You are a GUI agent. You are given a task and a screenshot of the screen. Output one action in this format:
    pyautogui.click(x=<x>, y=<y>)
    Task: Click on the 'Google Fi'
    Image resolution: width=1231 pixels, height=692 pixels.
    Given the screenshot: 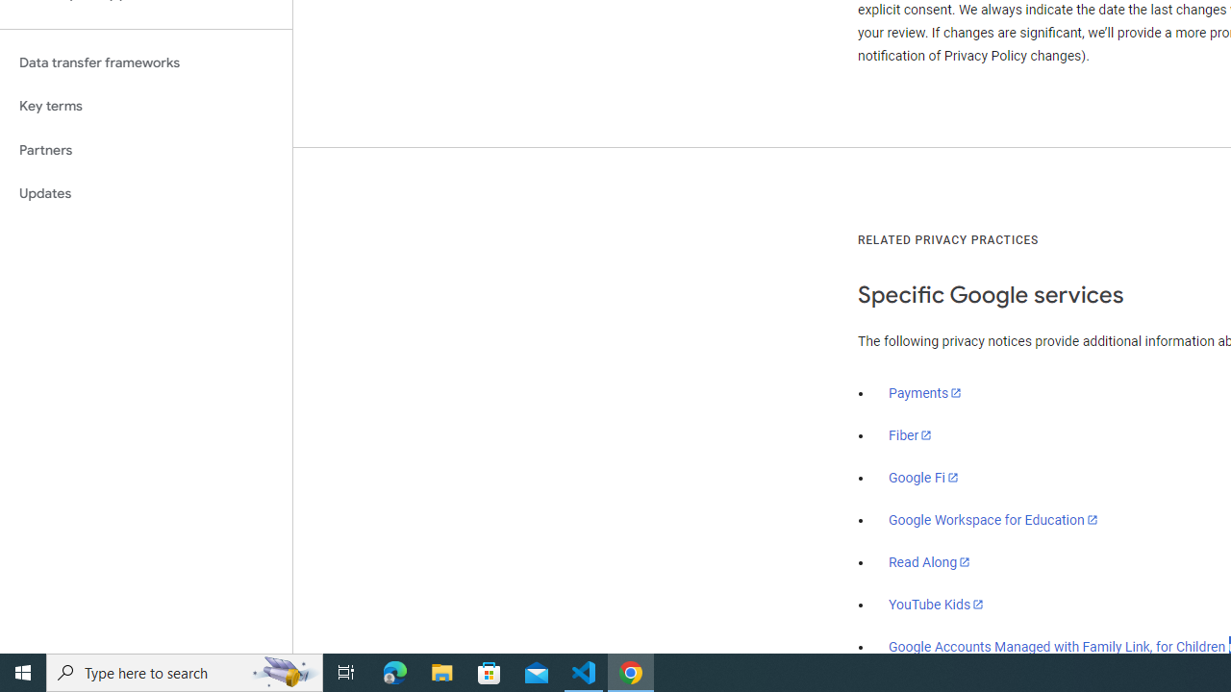 What is the action you would take?
    pyautogui.click(x=923, y=477)
    